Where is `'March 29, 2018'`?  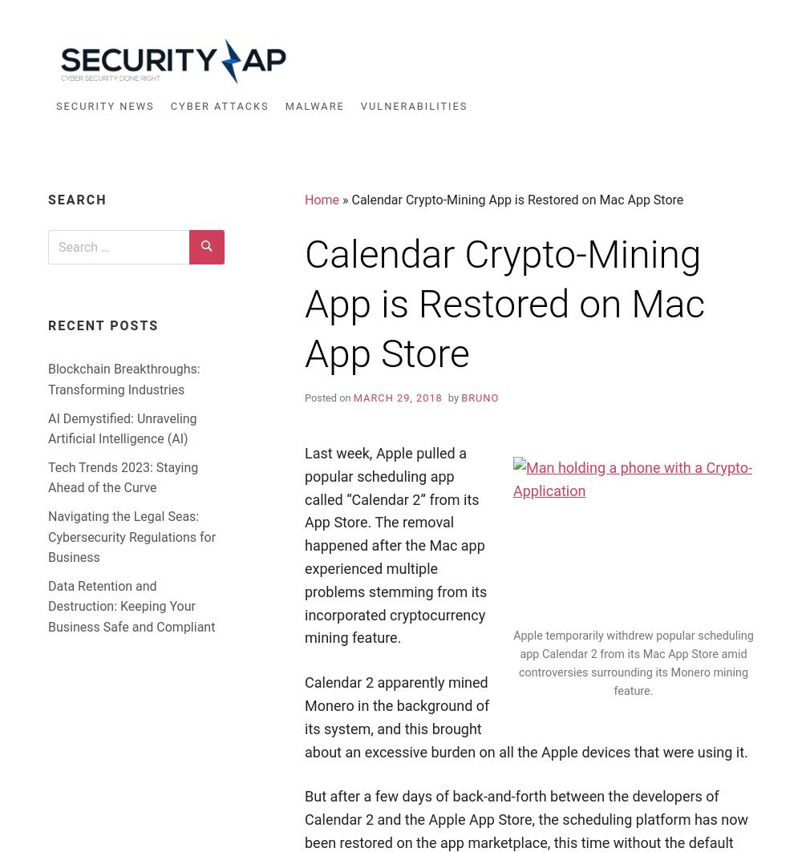 'March 29, 2018' is located at coordinates (396, 397).